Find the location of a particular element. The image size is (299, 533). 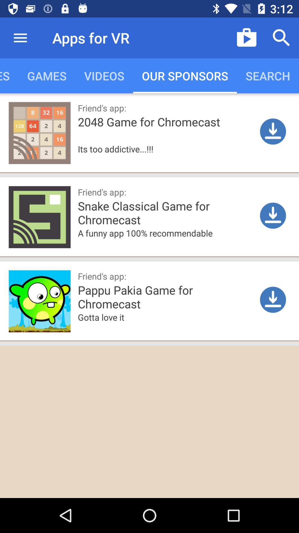

item next to the apps for vr is located at coordinates (20, 37).